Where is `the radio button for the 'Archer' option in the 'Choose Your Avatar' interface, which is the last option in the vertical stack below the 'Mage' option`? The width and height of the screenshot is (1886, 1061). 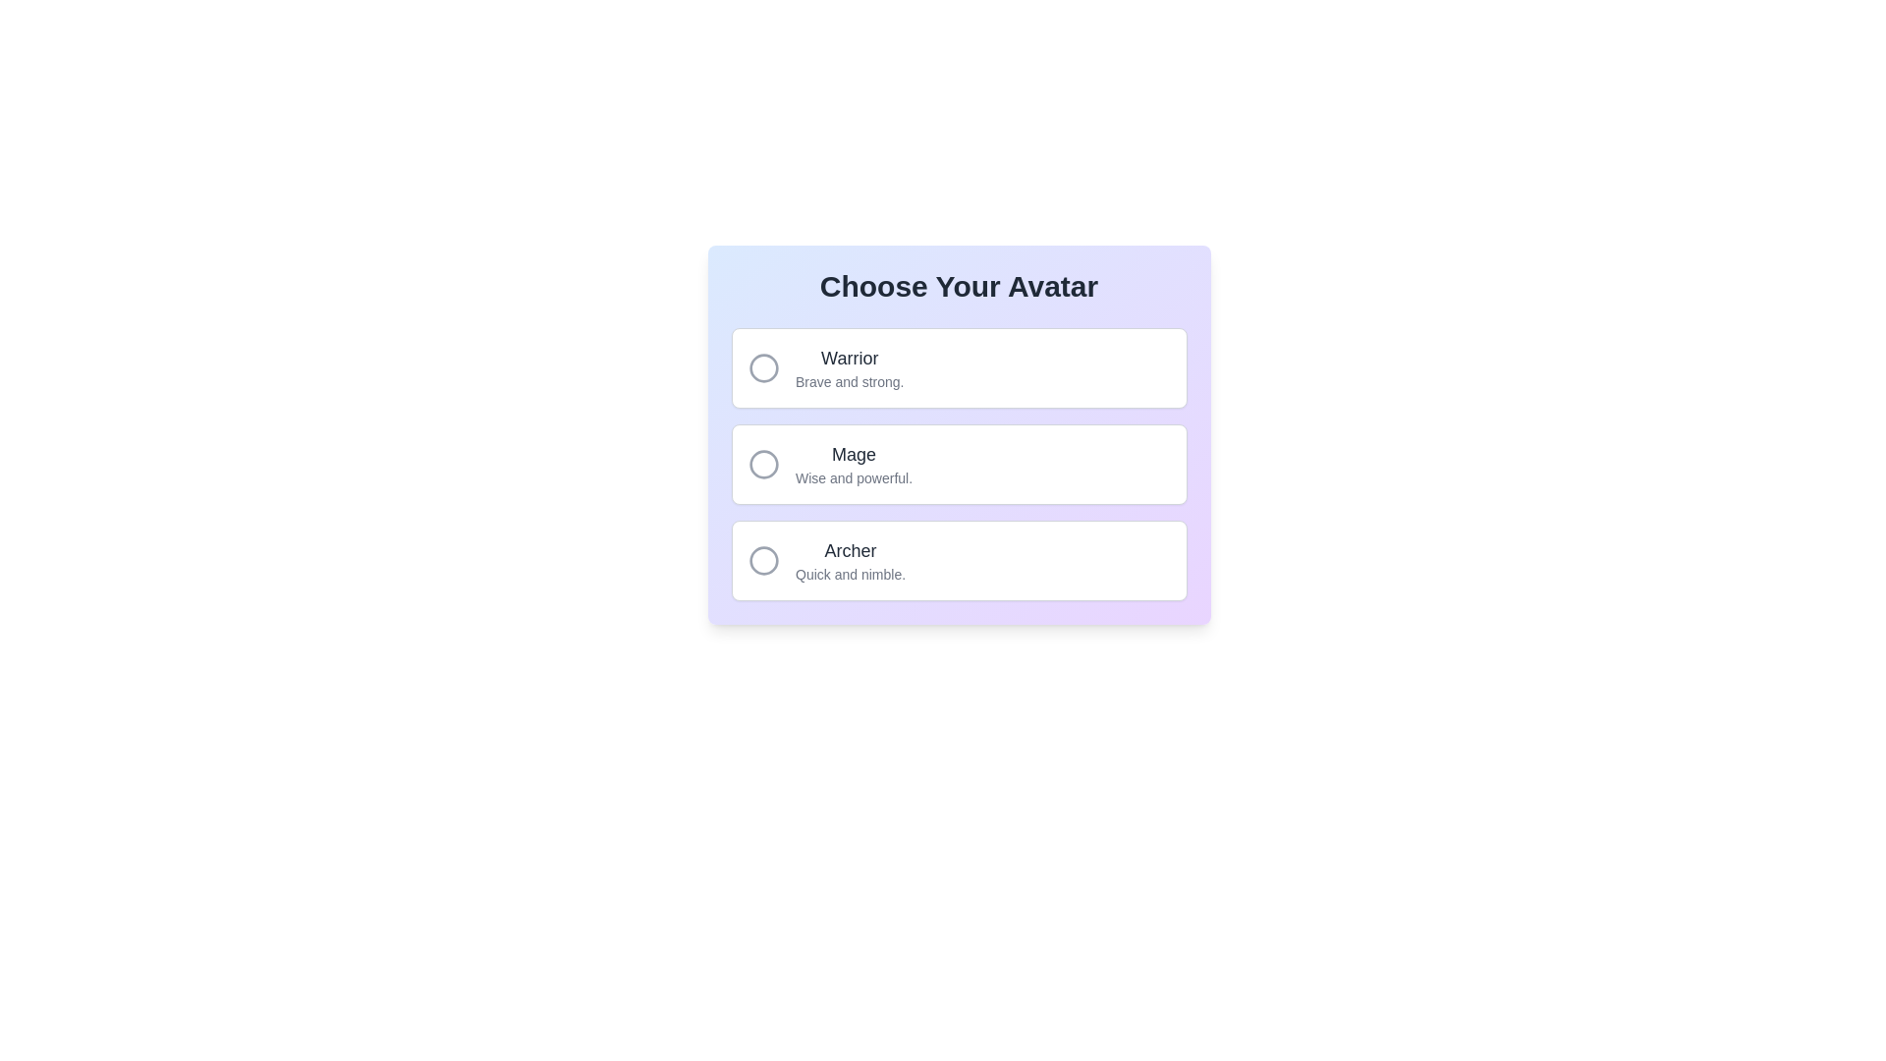 the radio button for the 'Archer' option in the 'Choose Your Avatar' interface, which is the last option in the vertical stack below the 'Mage' option is located at coordinates (762, 560).